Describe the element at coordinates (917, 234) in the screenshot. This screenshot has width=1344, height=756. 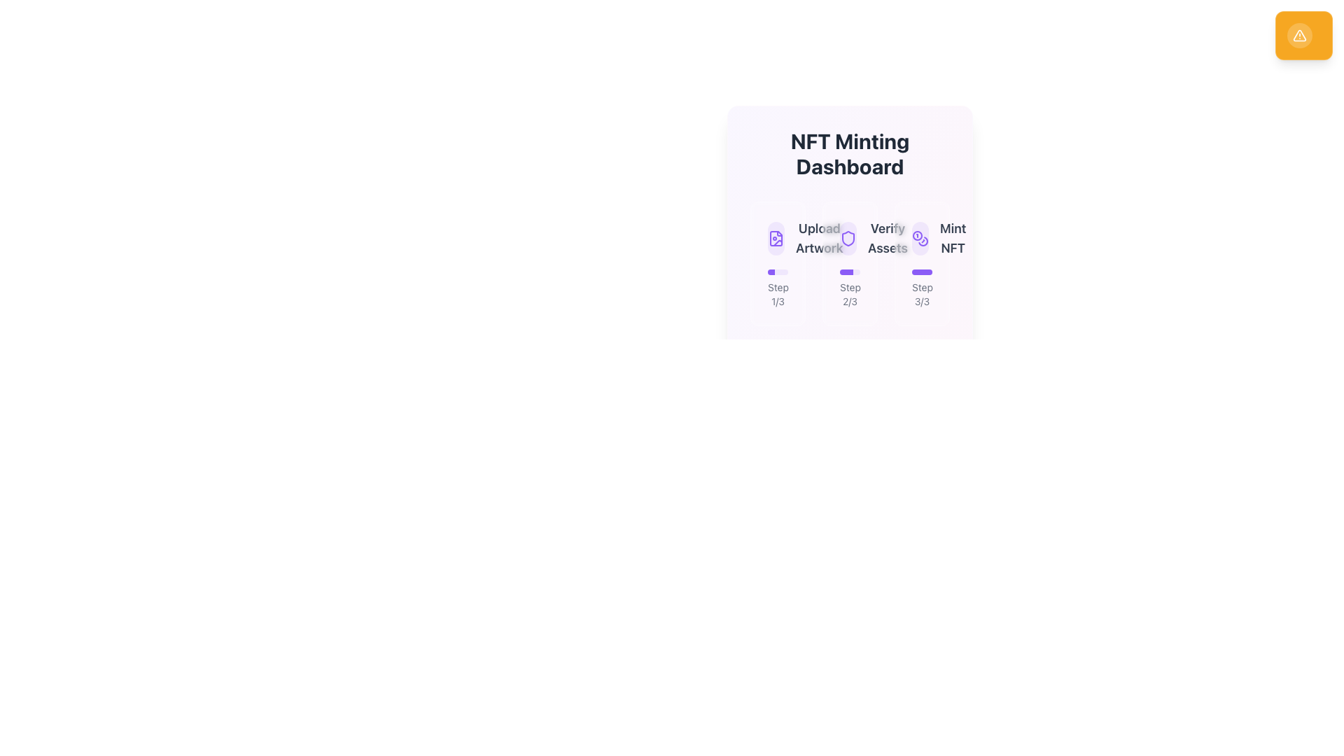
I see `the circular decorative SVG subcomponent that is part of the 'Mint NFT' step within the 'NFT Minting Dashboard' context` at that location.